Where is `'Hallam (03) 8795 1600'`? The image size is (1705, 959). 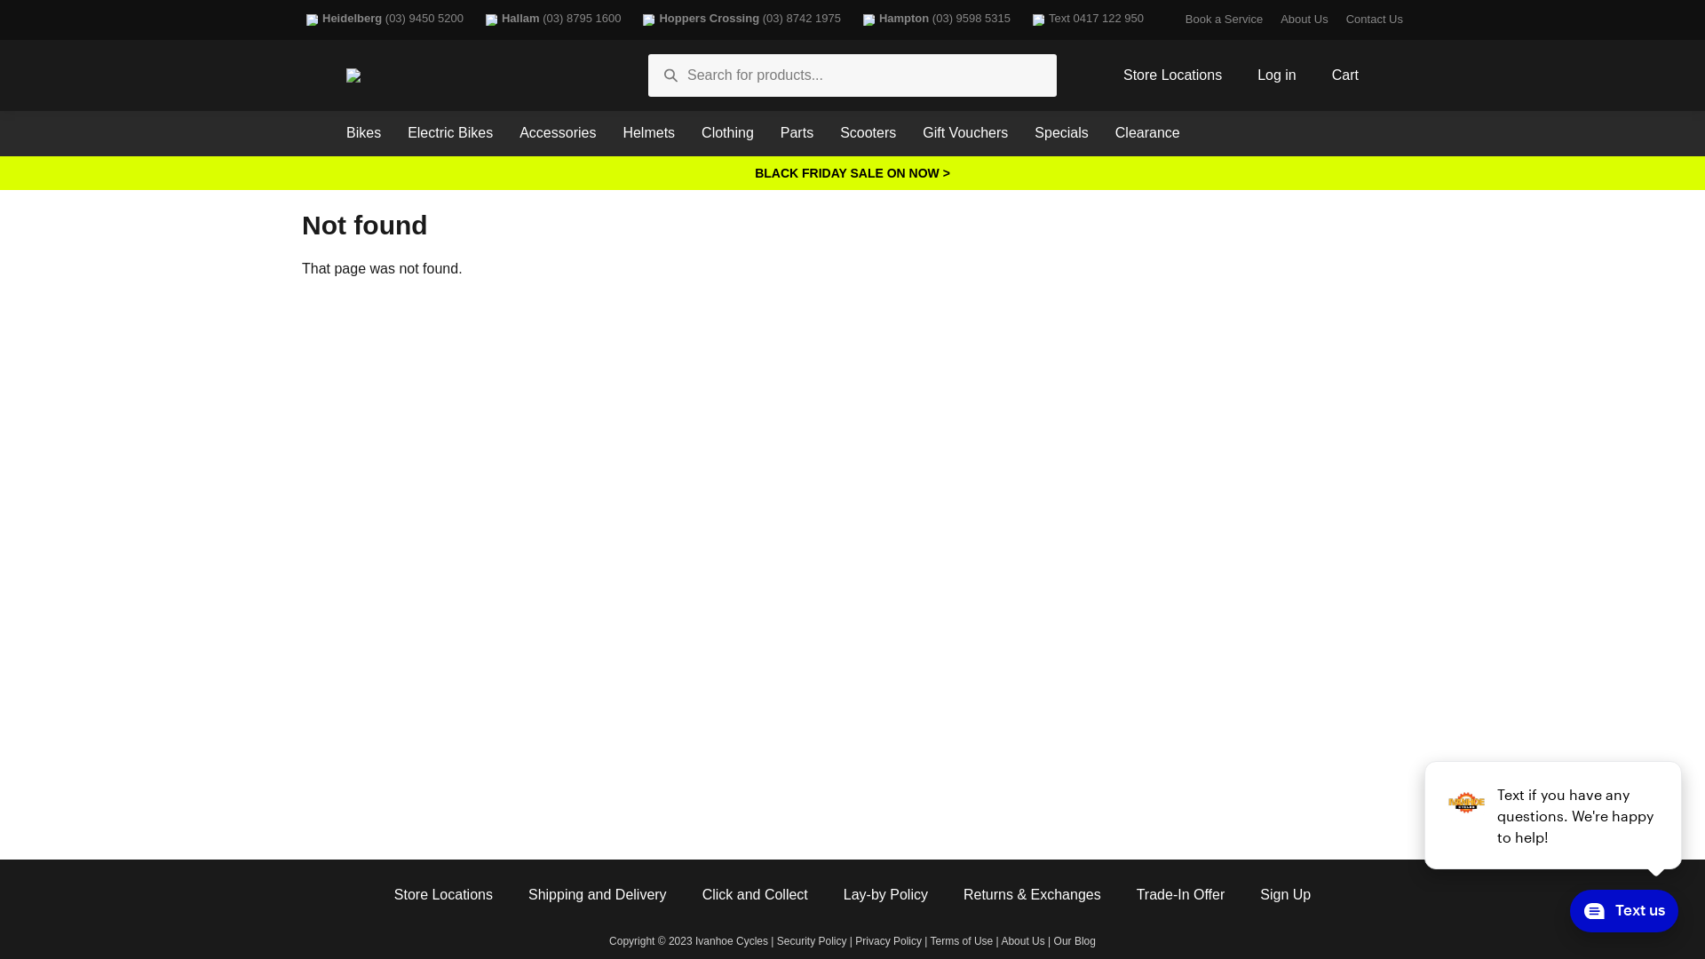 'Hallam (03) 8795 1600' is located at coordinates (550, 20).